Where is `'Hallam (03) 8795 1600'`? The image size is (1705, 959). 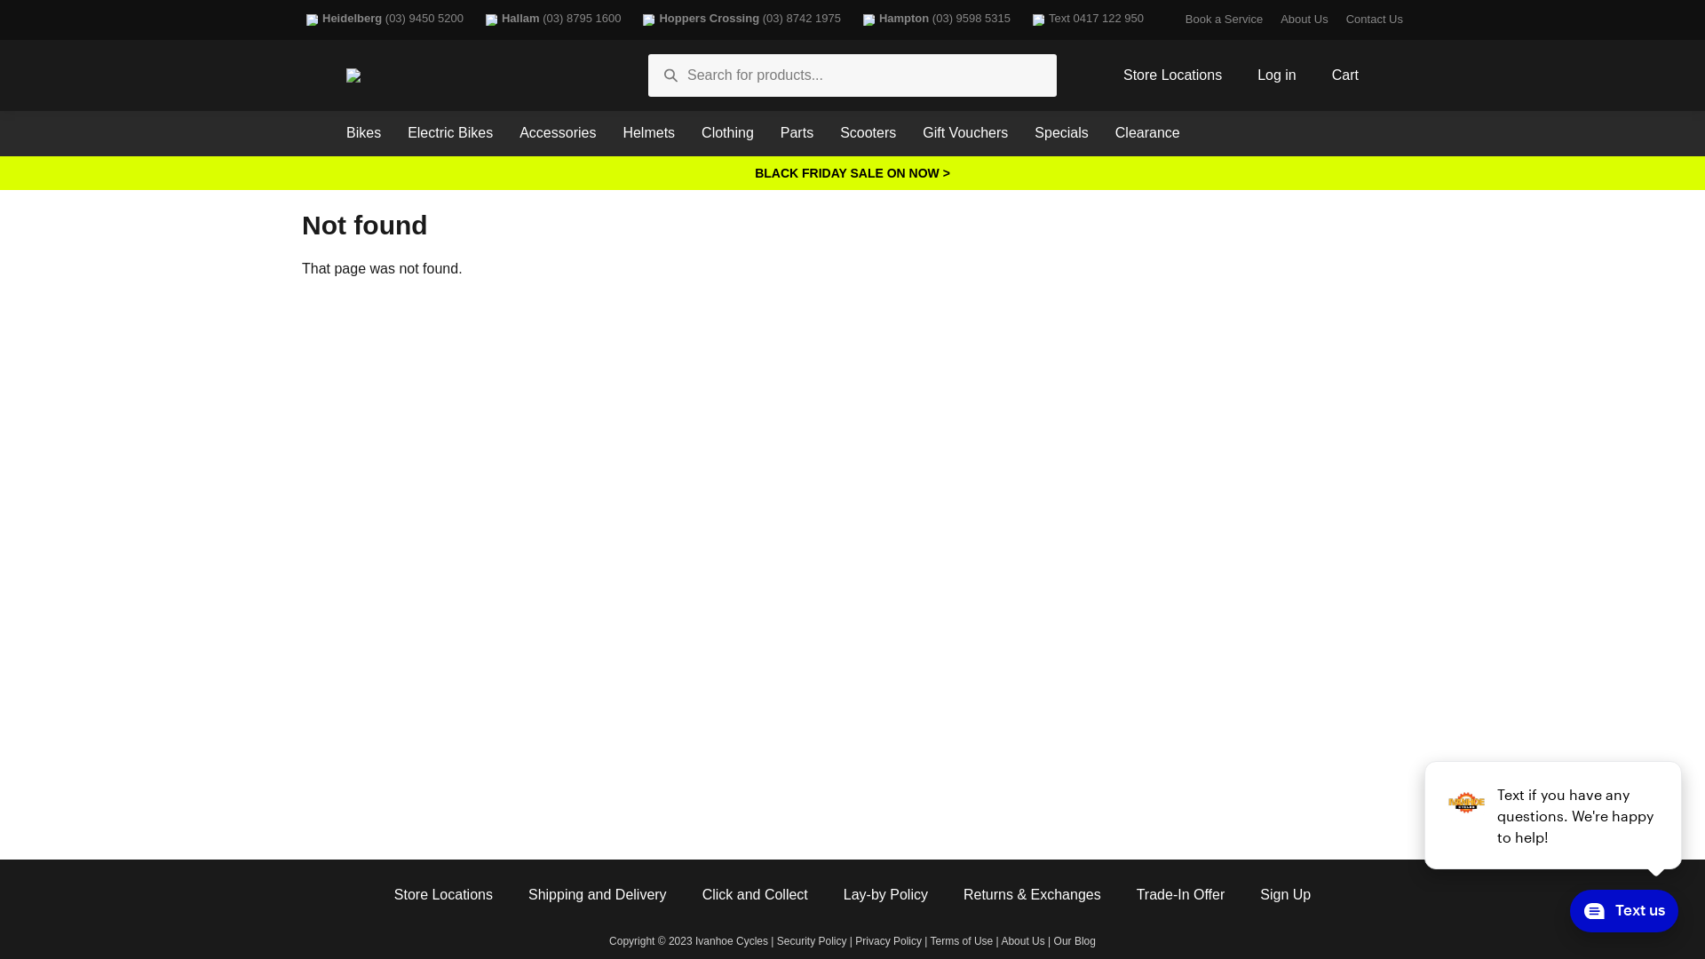 'Hallam (03) 8795 1600' is located at coordinates (550, 20).